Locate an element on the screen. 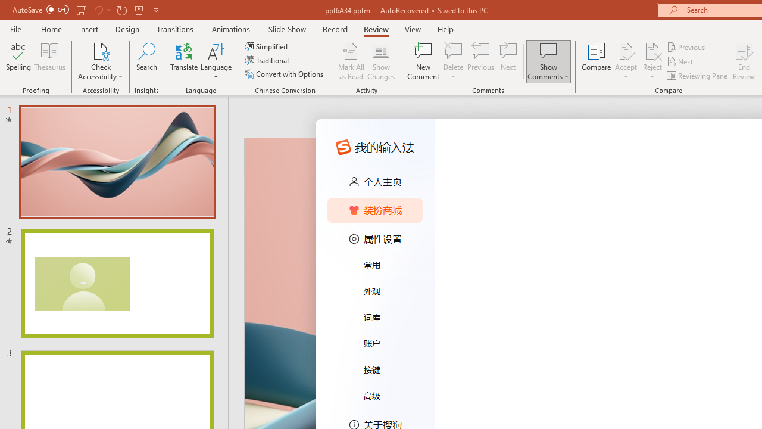 The image size is (762, 429). 'Thesaurus...' is located at coordinates (49, 61).